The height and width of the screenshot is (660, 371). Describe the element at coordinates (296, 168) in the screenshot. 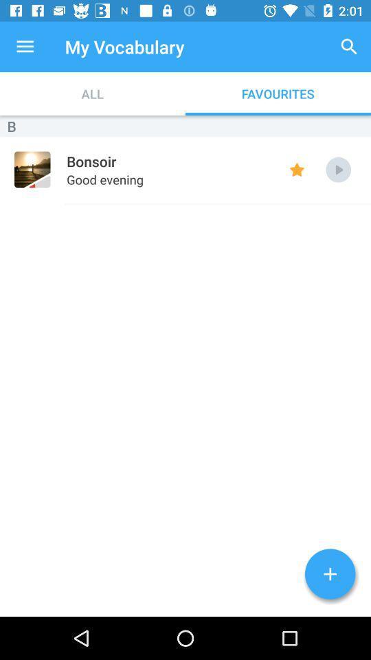

I see `favourites keys` at that location.